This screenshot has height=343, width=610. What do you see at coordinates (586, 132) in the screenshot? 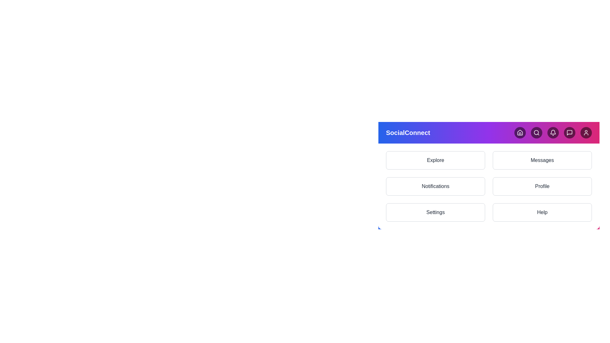
I see `the Profile button in the navigation header` at bounding box center [586, 132].